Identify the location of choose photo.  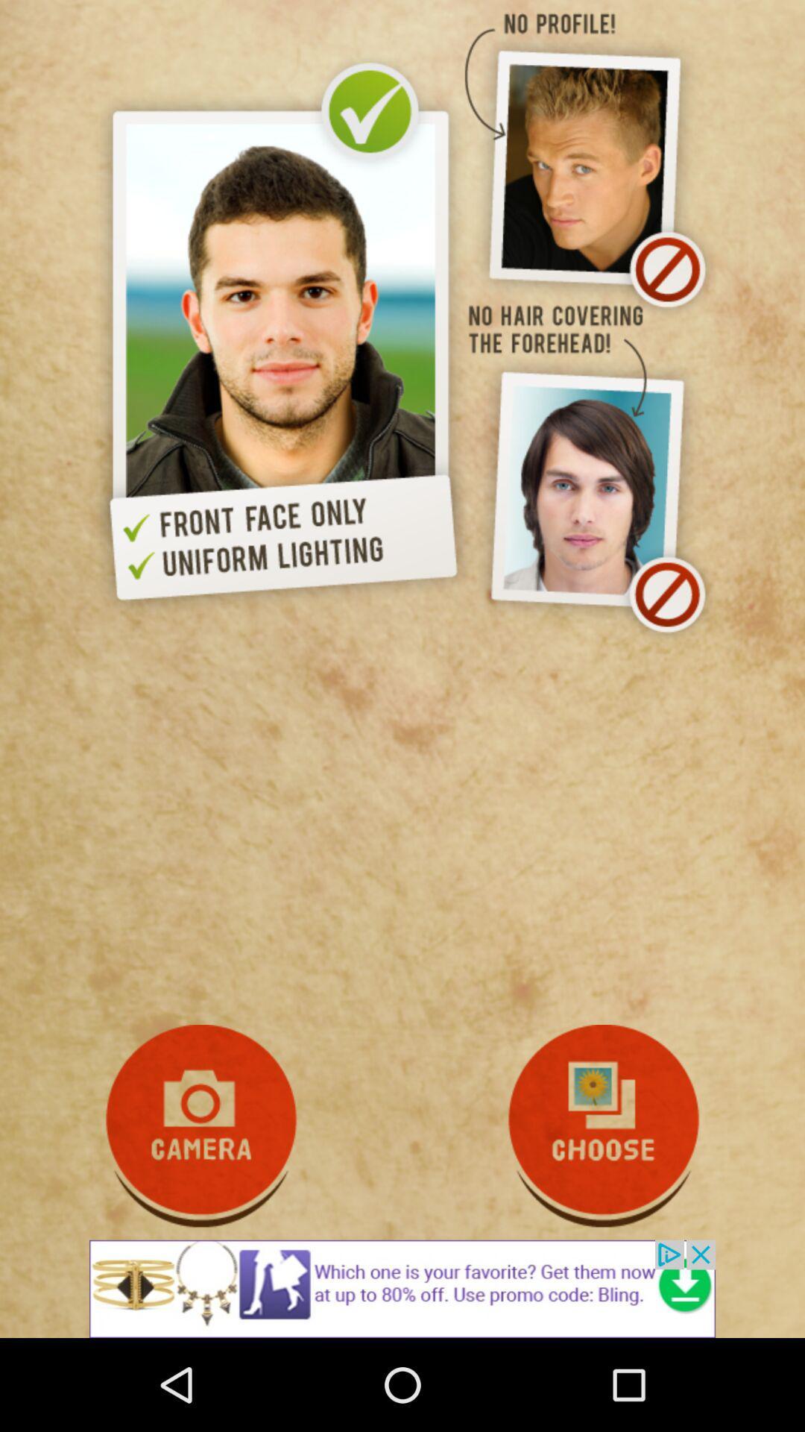
(604, 1126).